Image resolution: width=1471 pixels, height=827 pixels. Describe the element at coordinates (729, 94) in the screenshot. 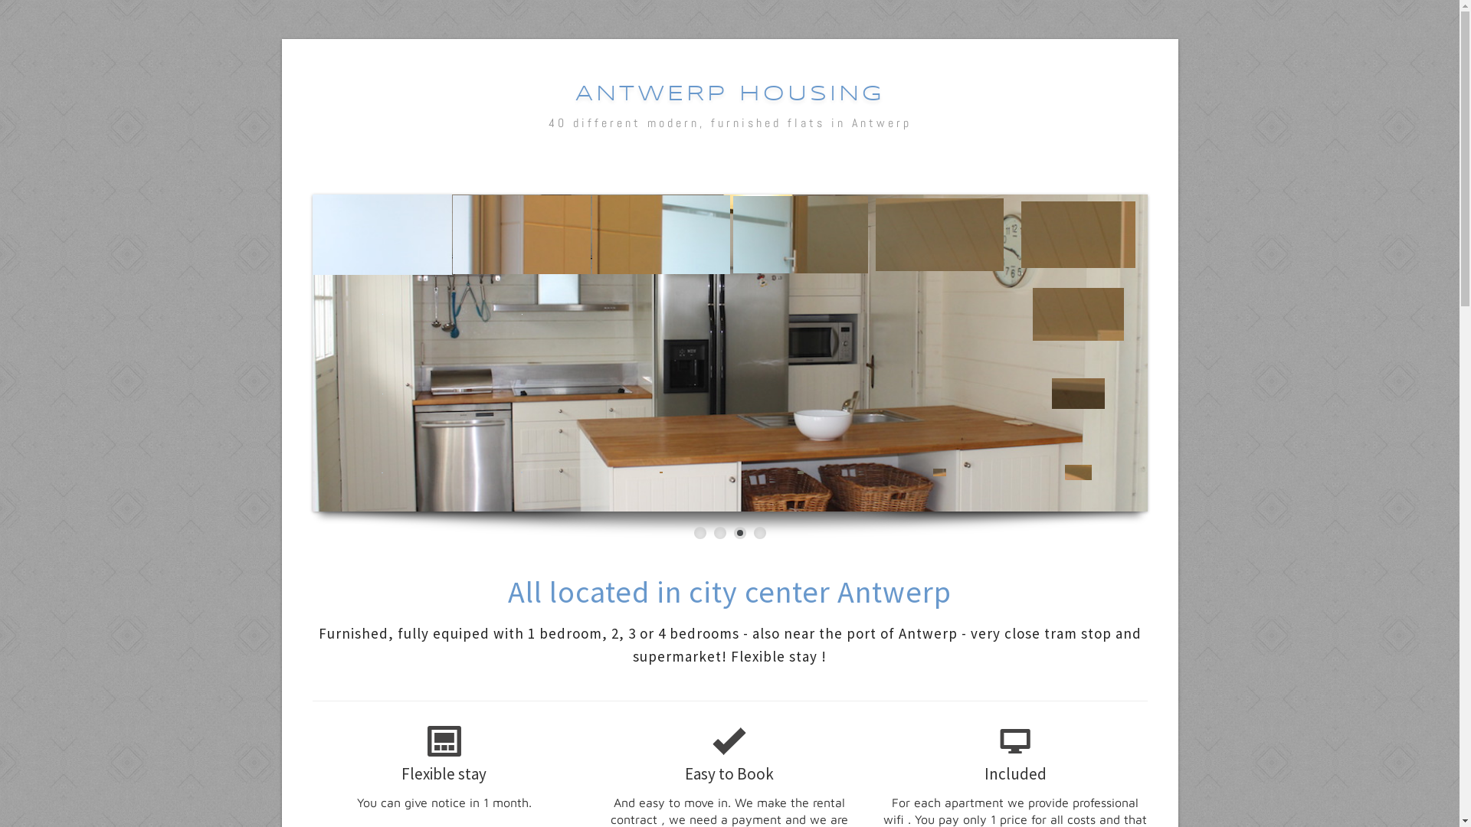

I see `'ANTWERP HOUSING'` at that location.